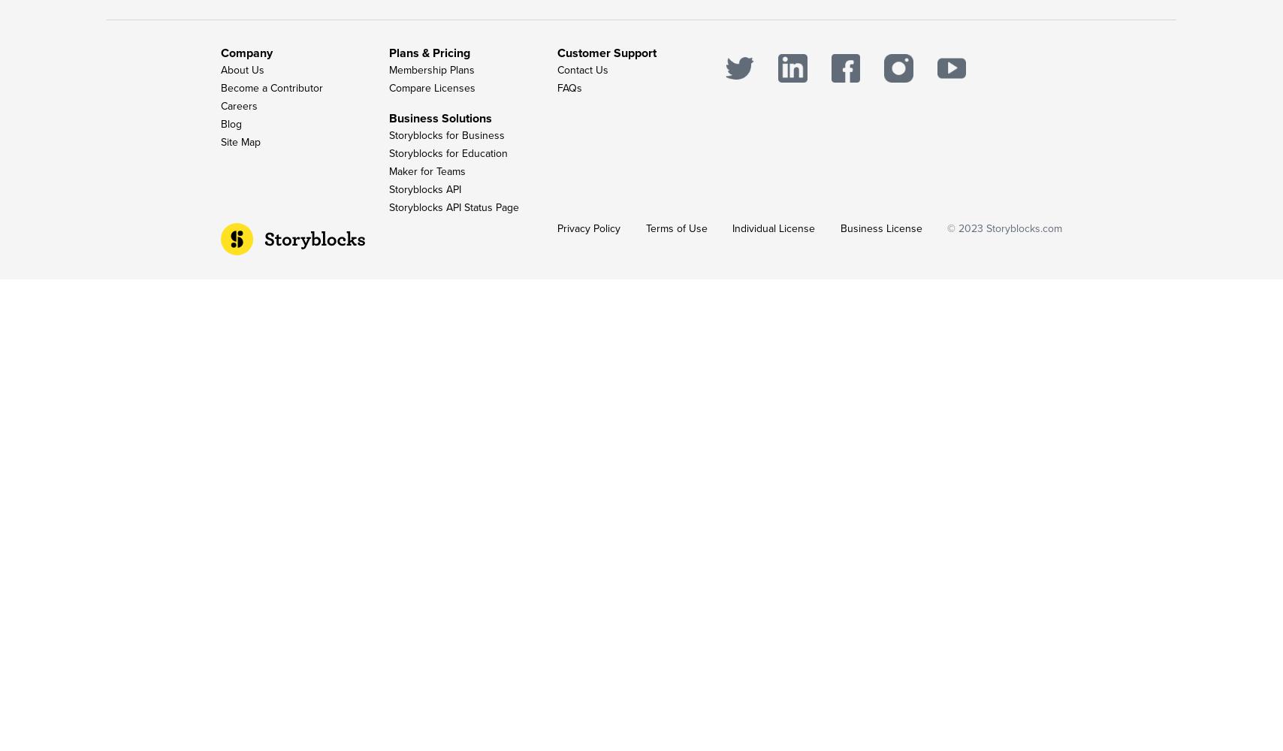 This screenshot has height=751, width=1283. I want to click on 'Storyblocks.com', so click(1024, 228).